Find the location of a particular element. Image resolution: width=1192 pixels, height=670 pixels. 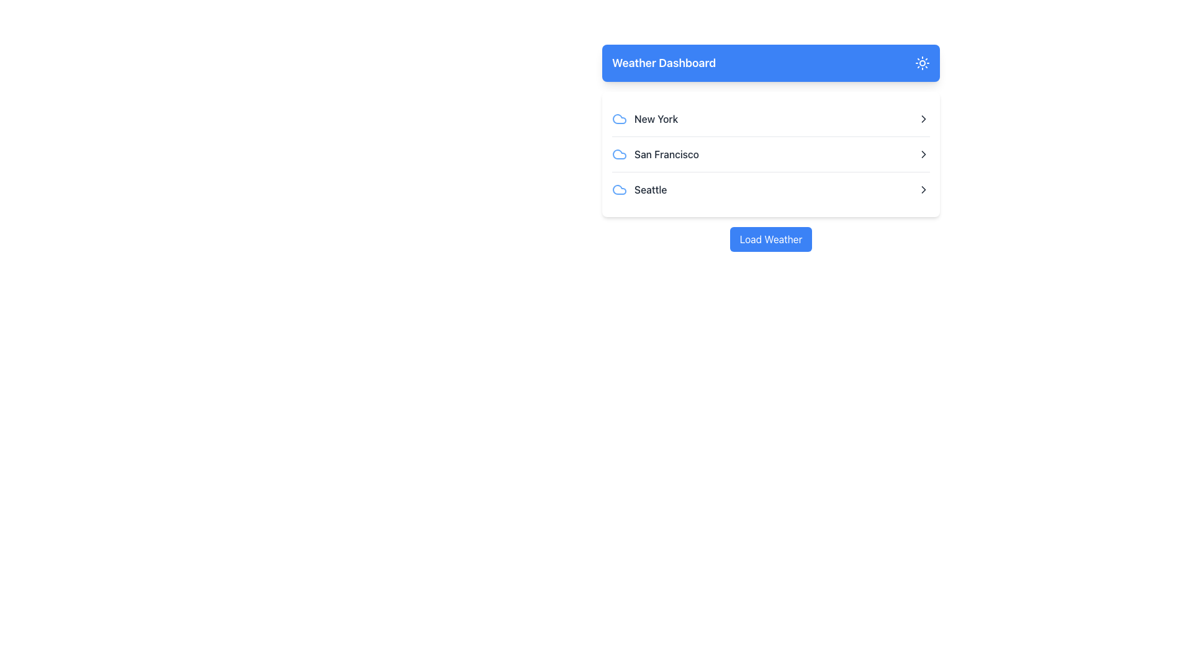

the 'Load Weather' button is located at coordinates (770, 239).